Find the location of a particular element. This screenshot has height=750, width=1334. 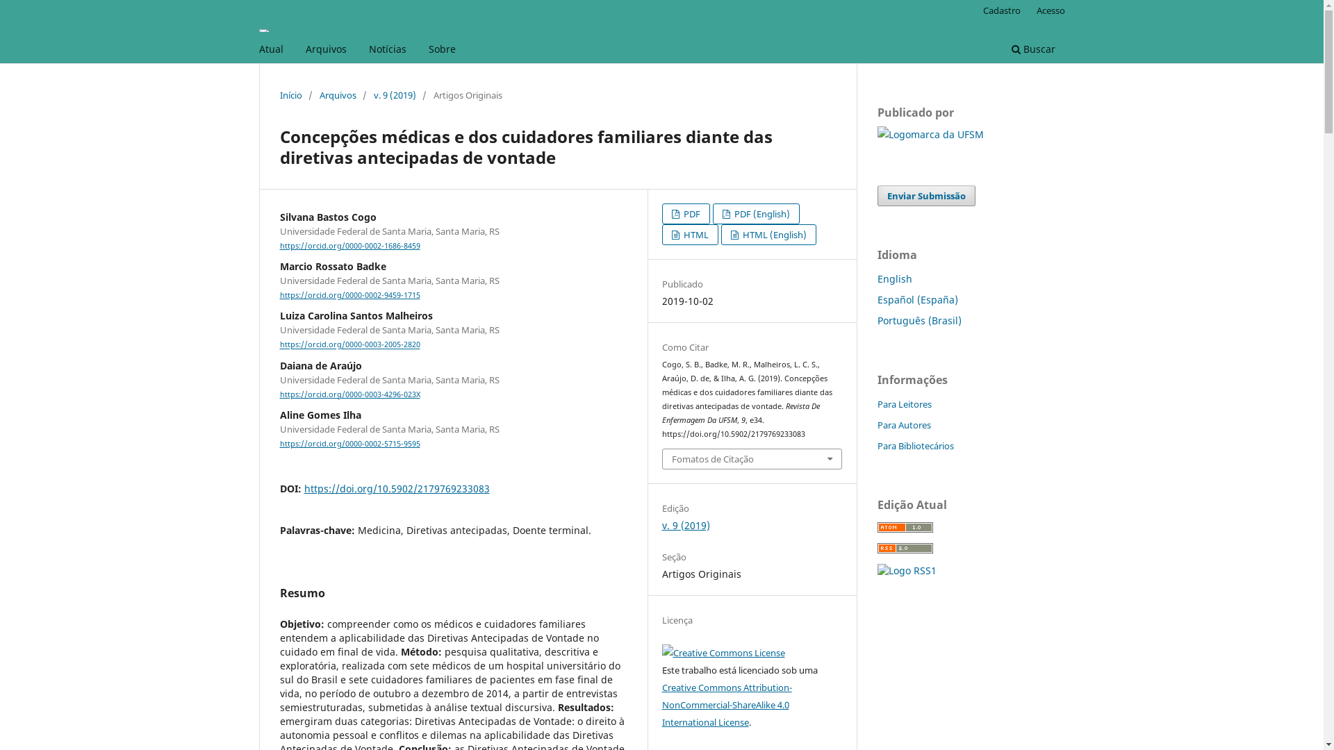

'HTML (English)' is located at coordinates (768, 234).